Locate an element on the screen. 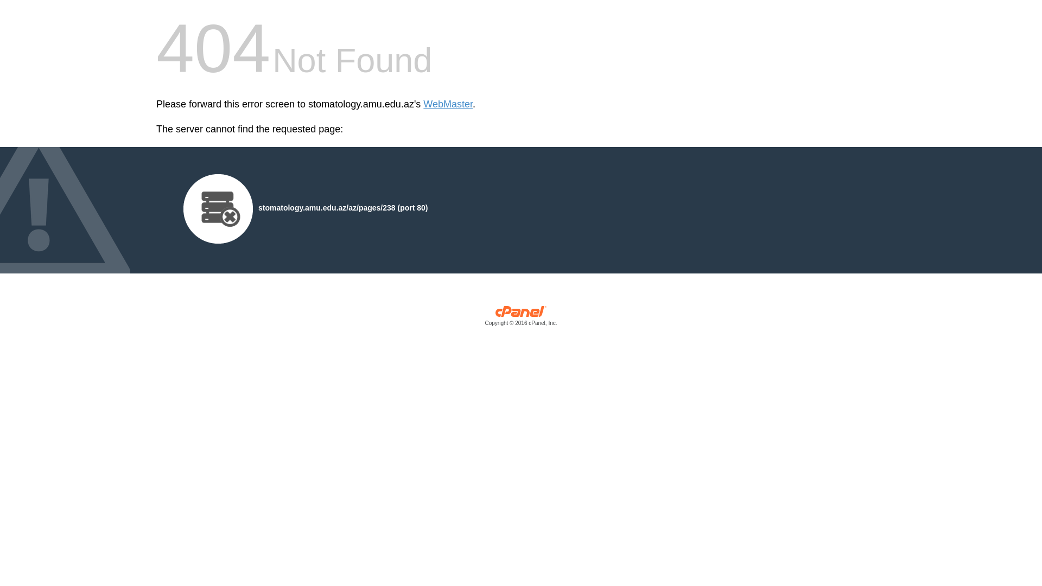 This screenshot has height=586, width=1042. 'WebMaster' is located at coordinates (448, 104).